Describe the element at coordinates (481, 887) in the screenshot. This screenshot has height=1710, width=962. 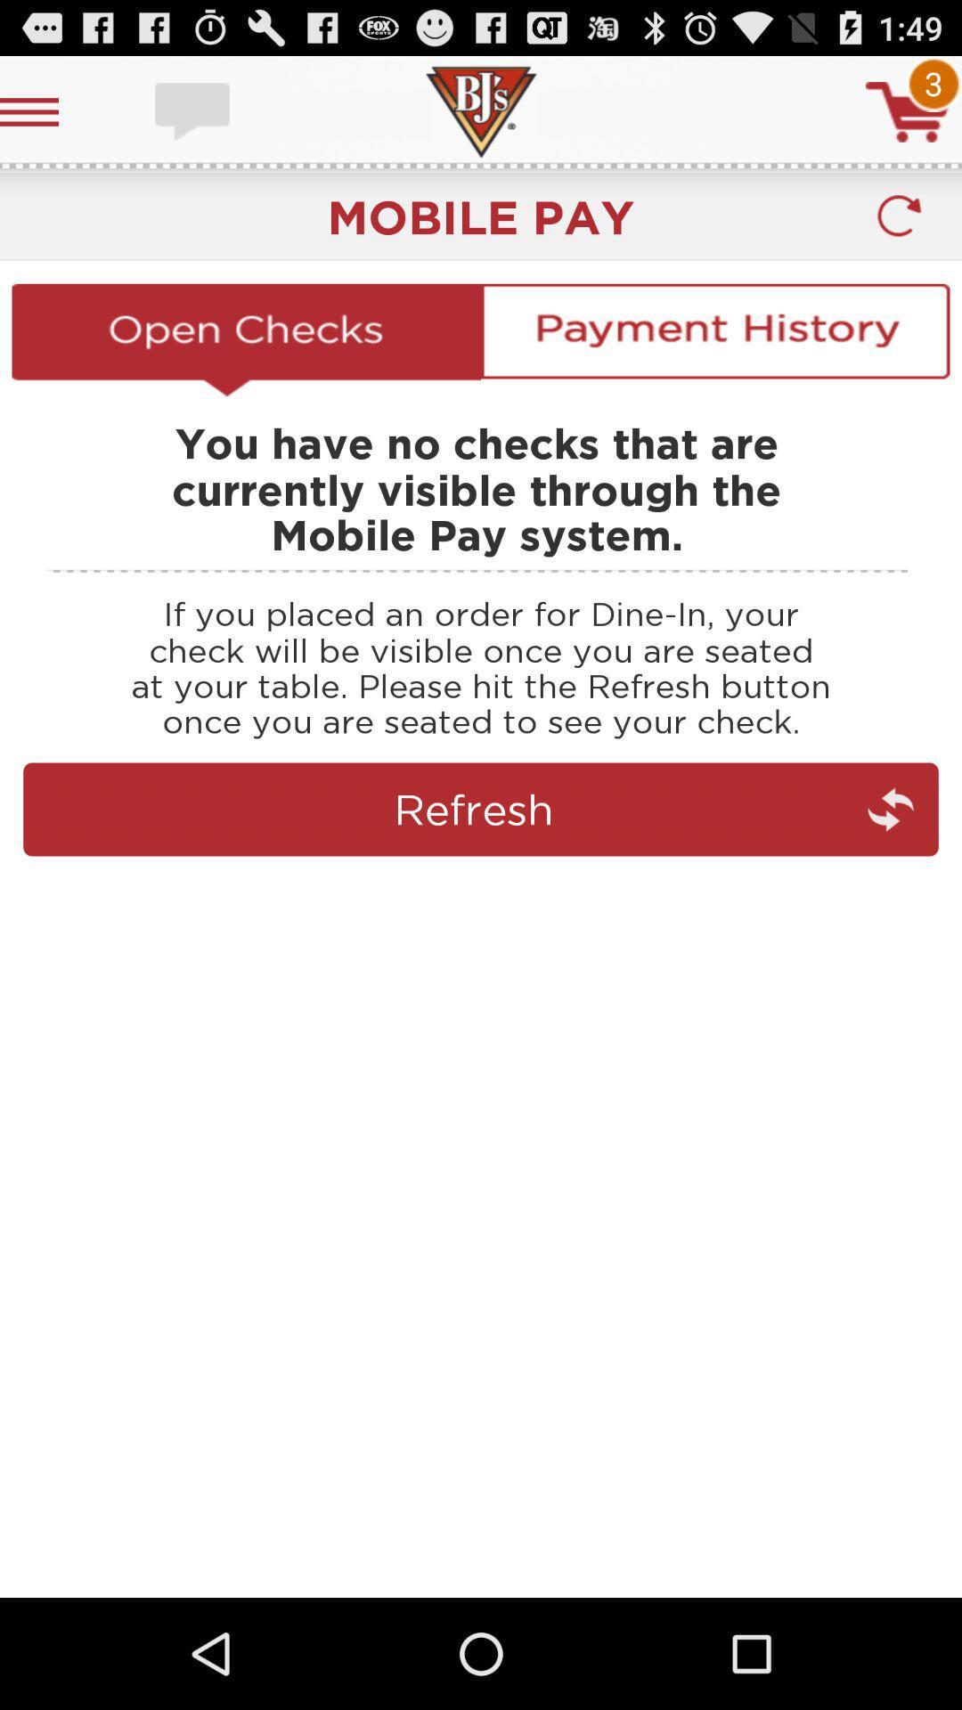
I see `refresh page` at that location.